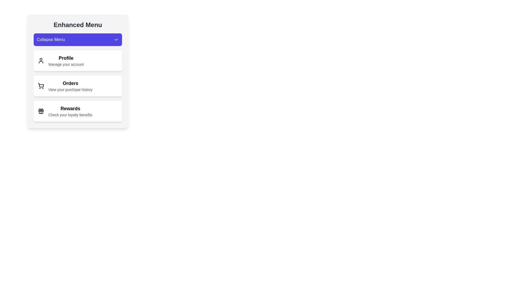 The image size is (505, 284). I want to click on the downward-pointing chevron icon located at the right end of the 'Collapse Menu' button, so click(116, 39).